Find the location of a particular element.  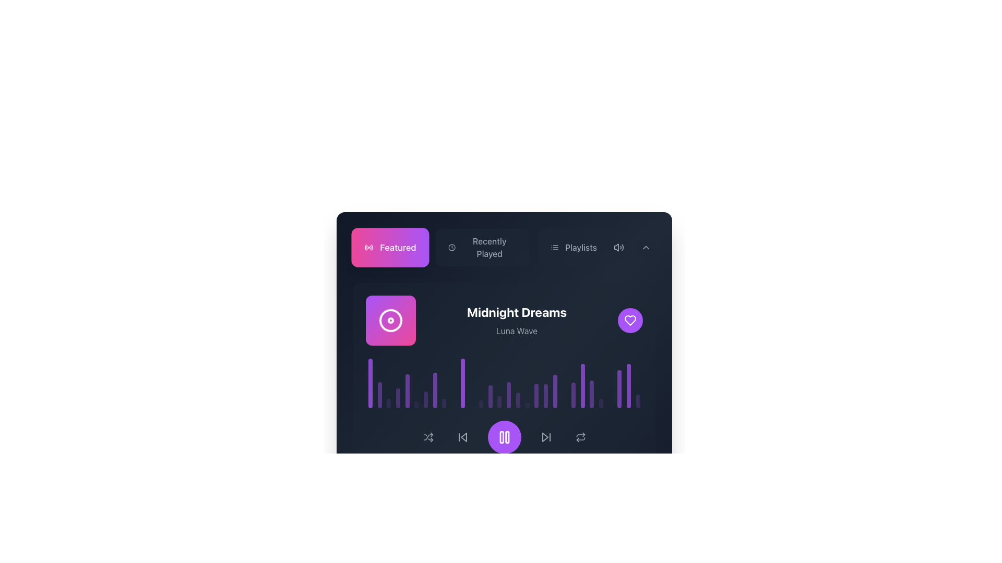

the twenty-seventh progress bar in the soundwave representation, which indicates the amplitude of a sound track, located in the lower half of the music-themed interface is located at coordinates (628, 386).